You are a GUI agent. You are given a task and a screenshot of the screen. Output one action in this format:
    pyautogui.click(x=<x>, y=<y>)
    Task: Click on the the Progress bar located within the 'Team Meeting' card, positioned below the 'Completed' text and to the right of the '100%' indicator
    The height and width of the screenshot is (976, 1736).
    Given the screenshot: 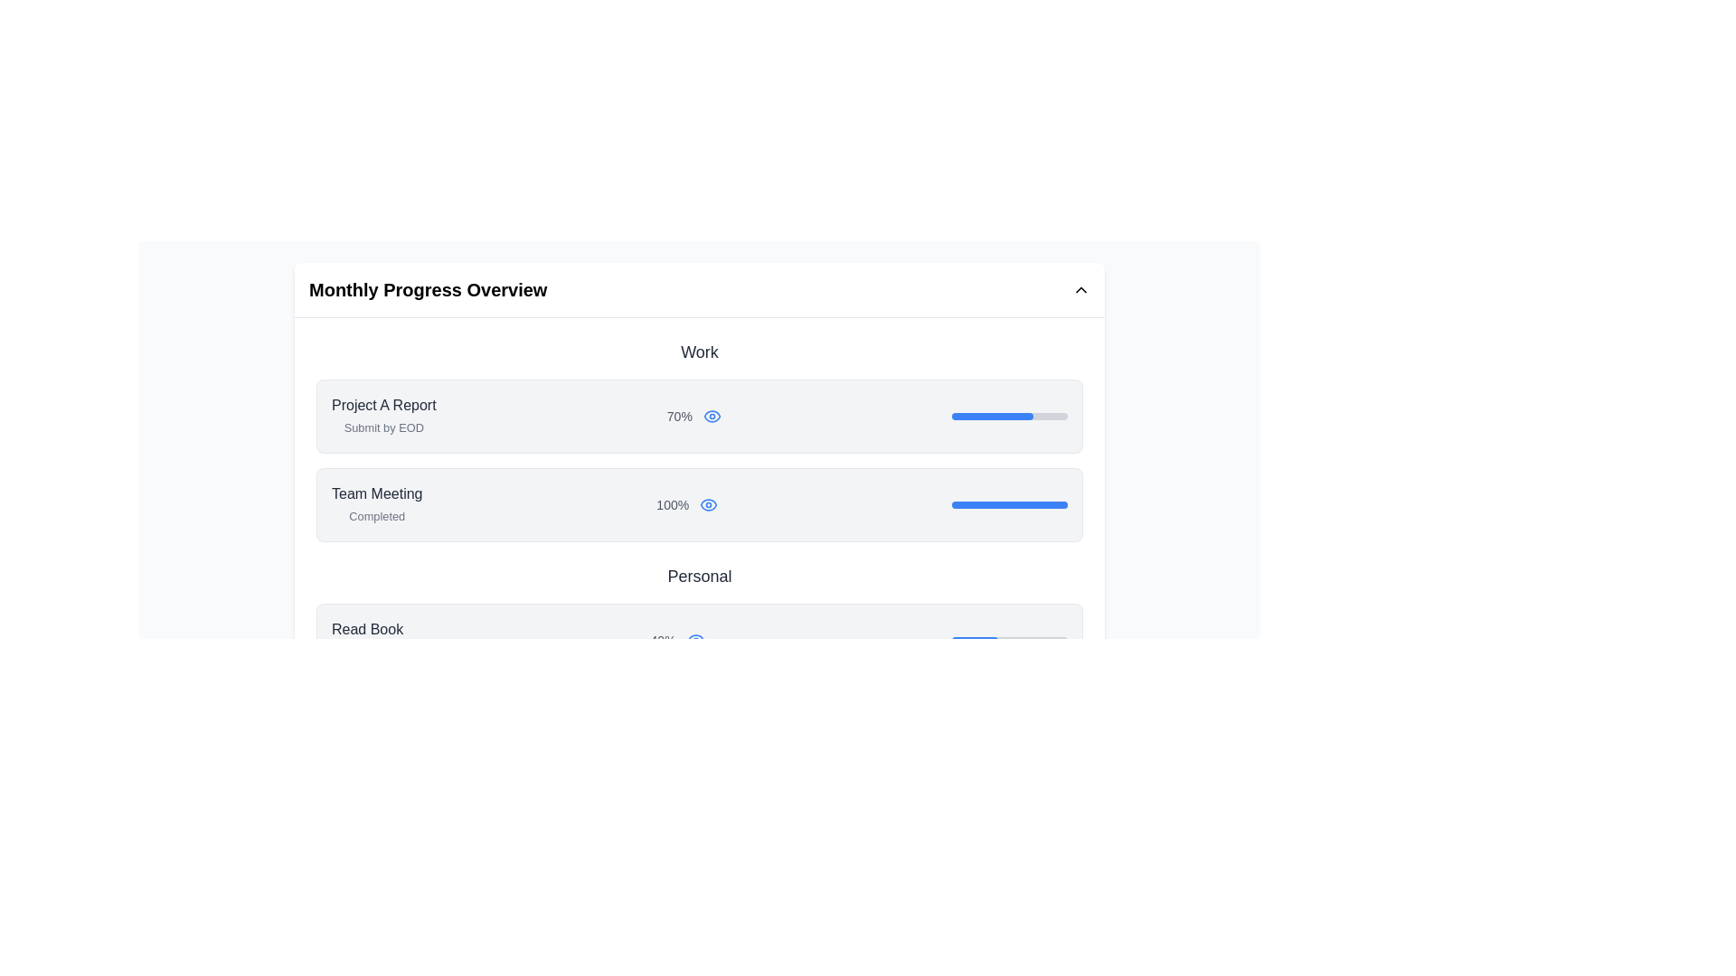 What is the action you would take?
    pyautogui.click(x=1009, y=505)
    